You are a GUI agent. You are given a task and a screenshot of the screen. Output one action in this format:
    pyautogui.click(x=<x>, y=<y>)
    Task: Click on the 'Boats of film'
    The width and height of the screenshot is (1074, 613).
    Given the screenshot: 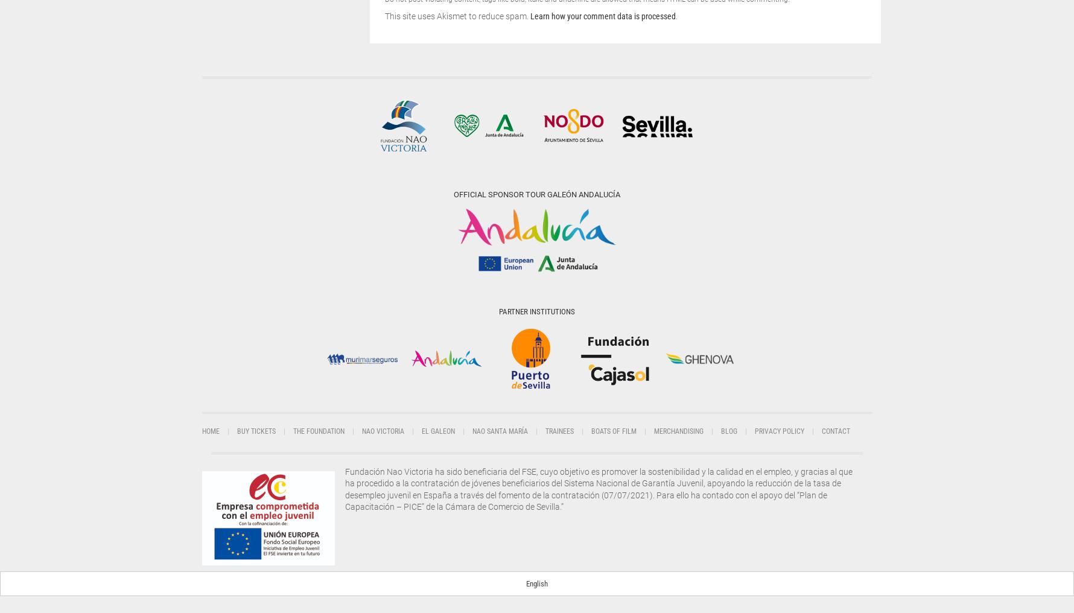 What is the action you would take?
    pyautogui.click(x=613, y=431)
    